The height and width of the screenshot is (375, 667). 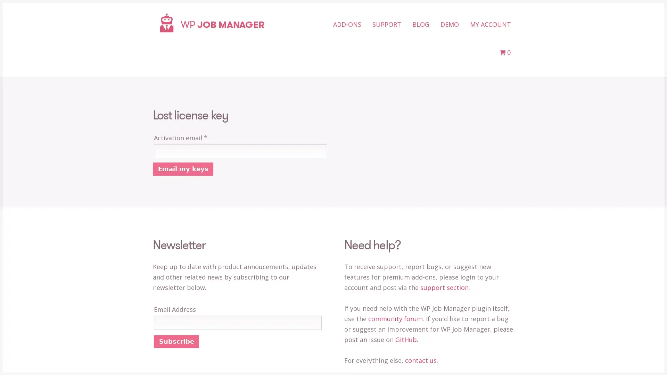 I want to click on Subscribe, so click(x=176, y=341).